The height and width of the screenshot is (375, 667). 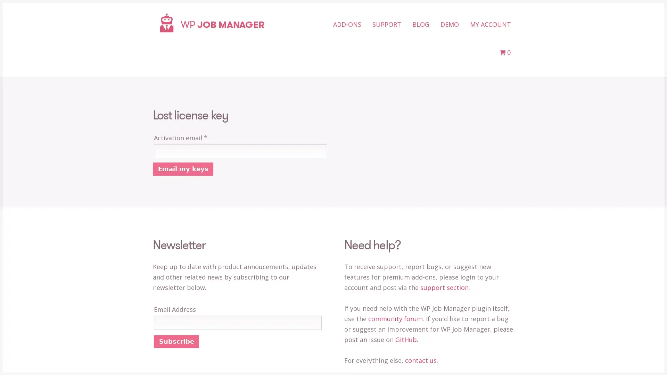 I want to click on Subscribe, so click(x=176, y=341).